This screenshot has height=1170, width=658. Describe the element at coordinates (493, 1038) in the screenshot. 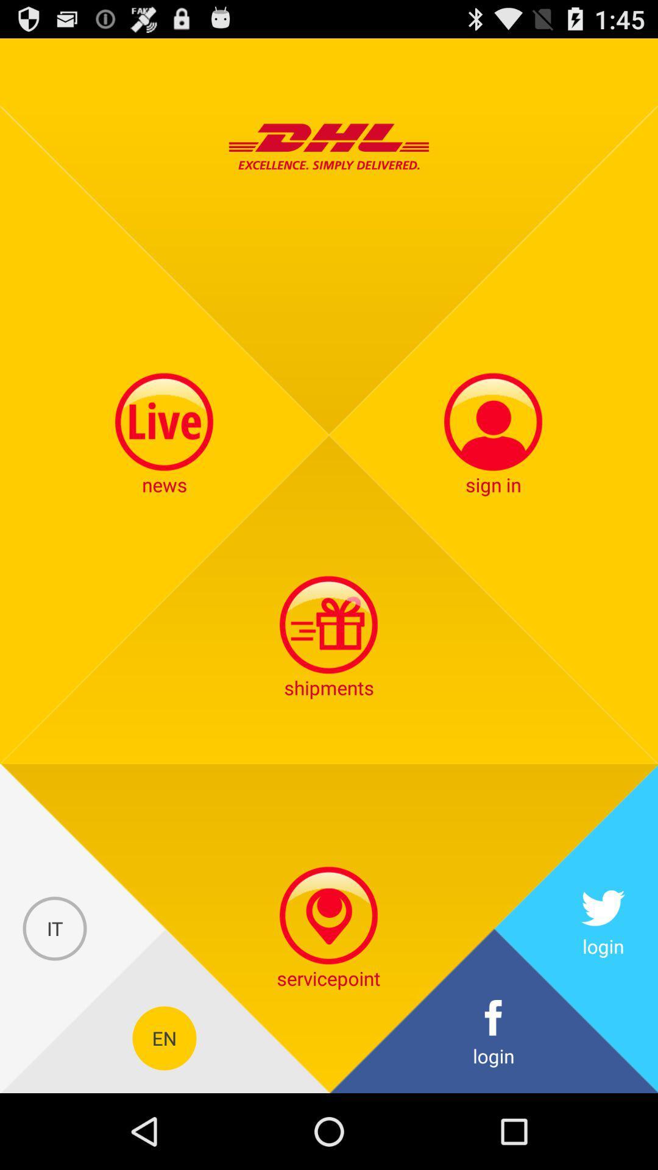

I see `icon which is at bottom right corner` at that location.